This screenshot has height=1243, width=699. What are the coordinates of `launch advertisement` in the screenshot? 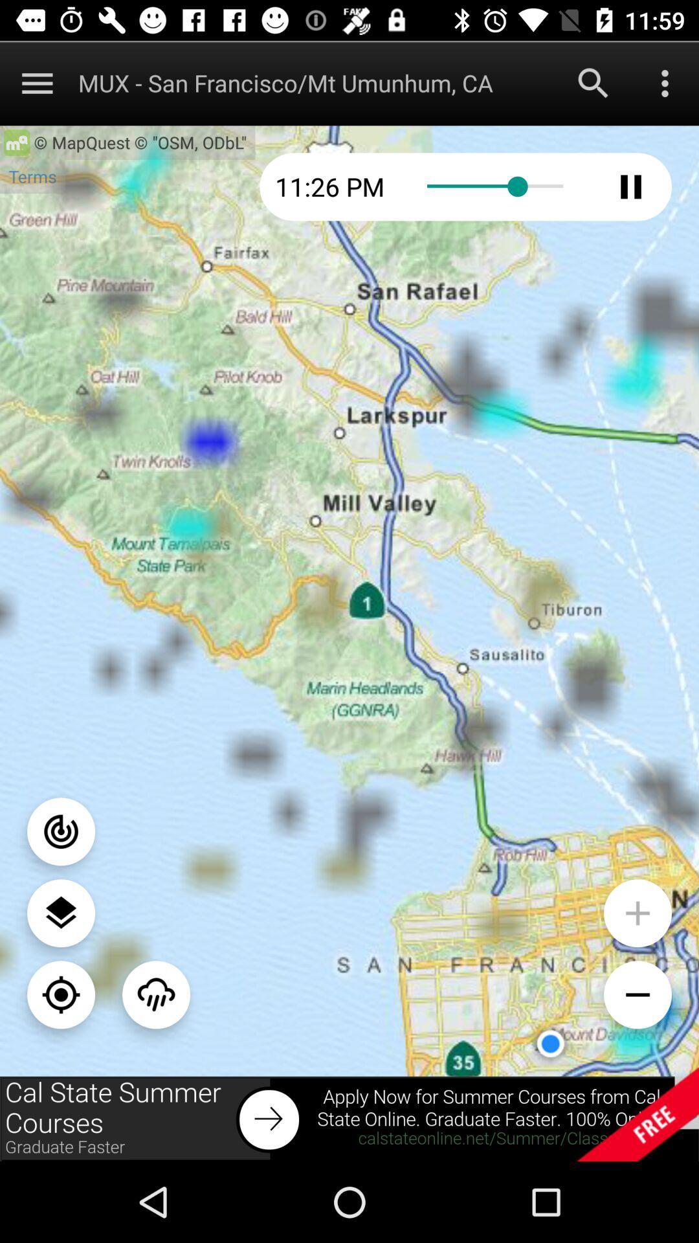 It's located at (349, 1118).